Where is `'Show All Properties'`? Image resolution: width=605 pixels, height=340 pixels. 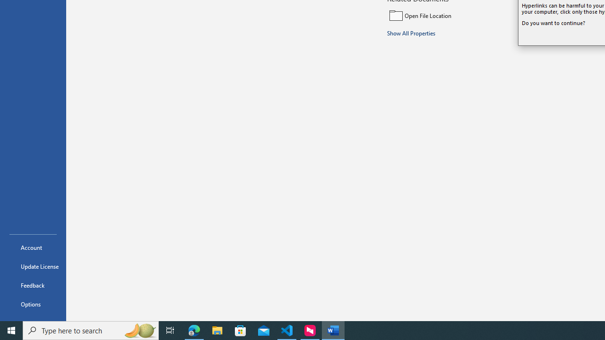
'Show All Properties' is located at coordinates (412, 32).